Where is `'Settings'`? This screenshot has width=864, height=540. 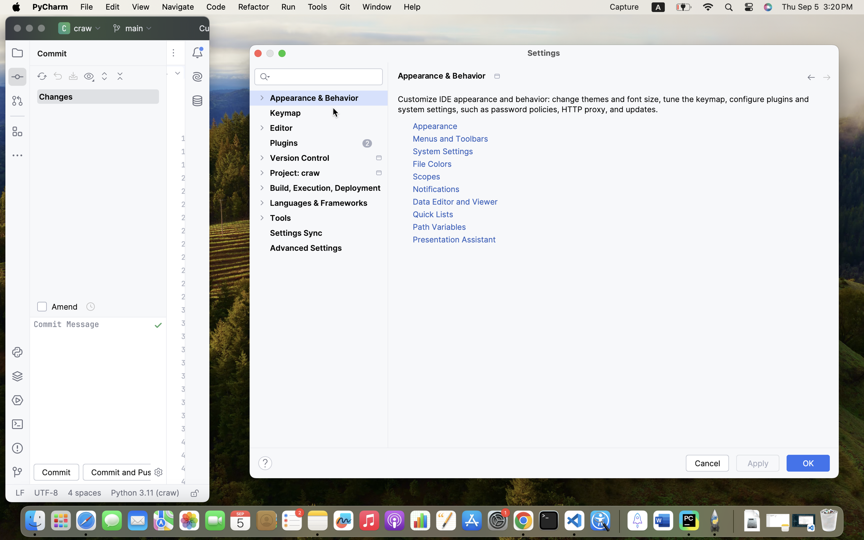 'Settings' is located at coordinates (544, 53).